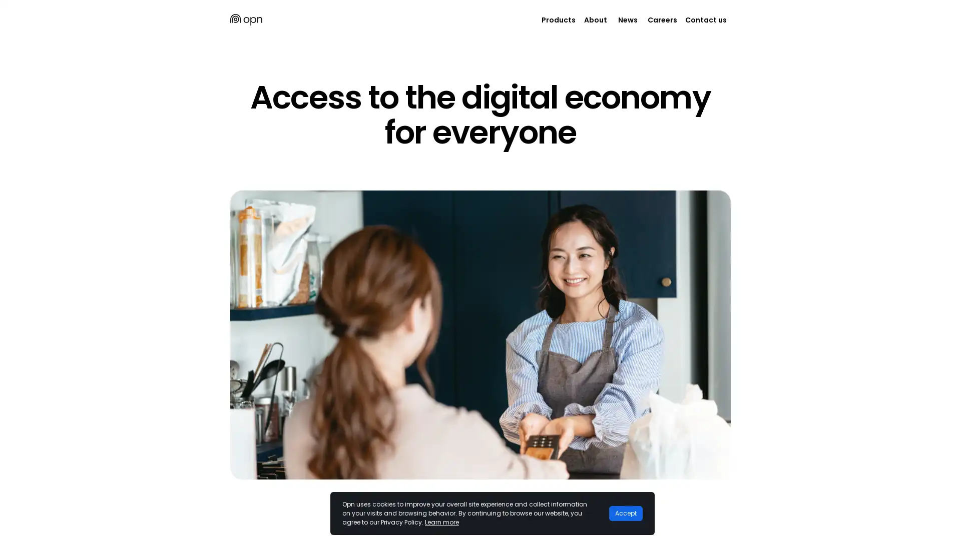  I want to click on About, so click(596, 19).